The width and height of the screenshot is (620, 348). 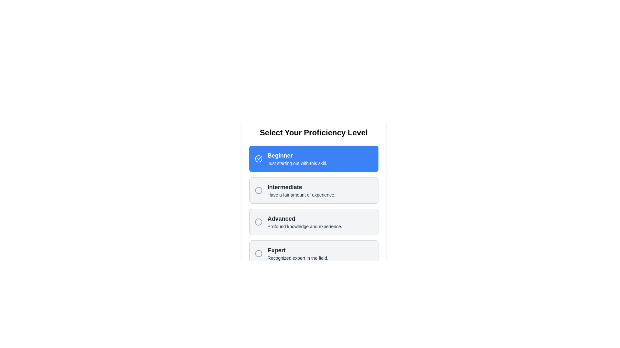 I want to click on the text label reading 'Have a fair amount of experience.' which is positioned below the 'Intermediate' heading and part of the Intermediate proficiency option box, so click(x=301, y=195).